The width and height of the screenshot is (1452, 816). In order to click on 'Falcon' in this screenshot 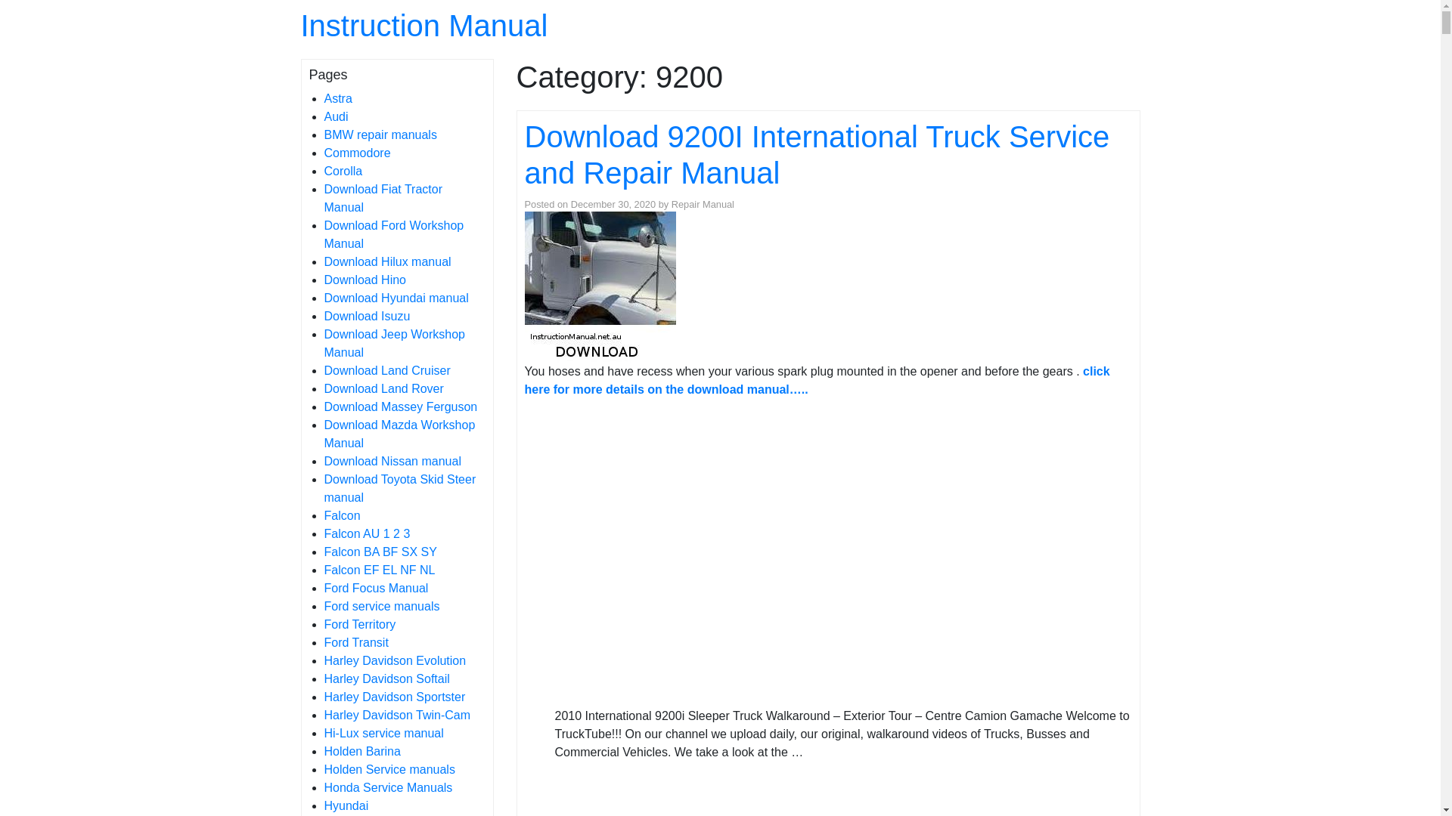, I will do `click(340, 515)`.